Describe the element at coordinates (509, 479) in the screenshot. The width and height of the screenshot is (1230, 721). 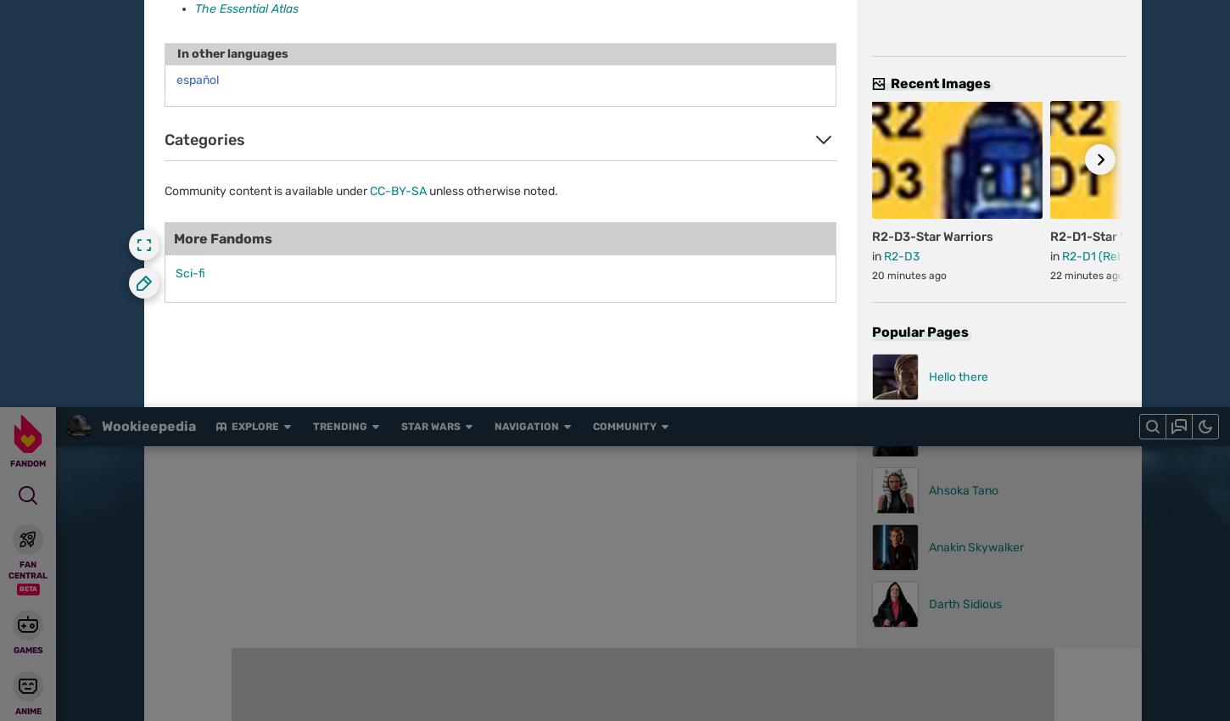
I see `'Vernestra Rwoh'` at that location.